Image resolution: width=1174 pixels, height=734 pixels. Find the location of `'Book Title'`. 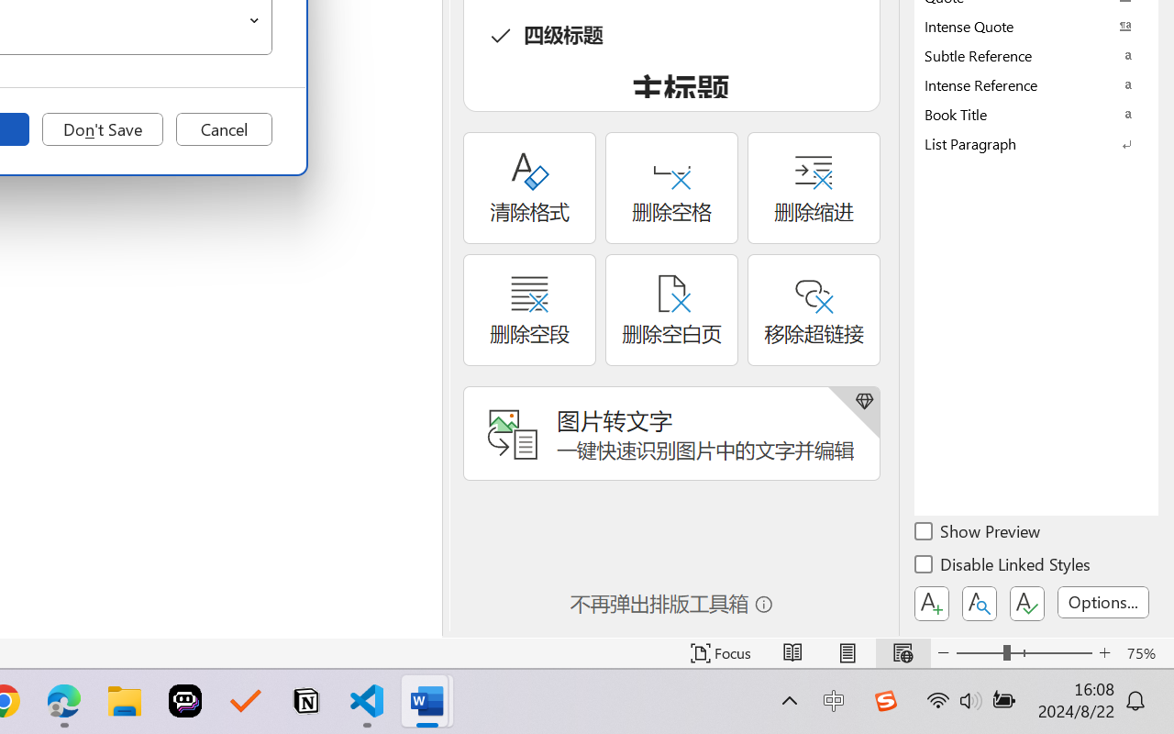

'Book Title' is located at coordinates (1036, 113).